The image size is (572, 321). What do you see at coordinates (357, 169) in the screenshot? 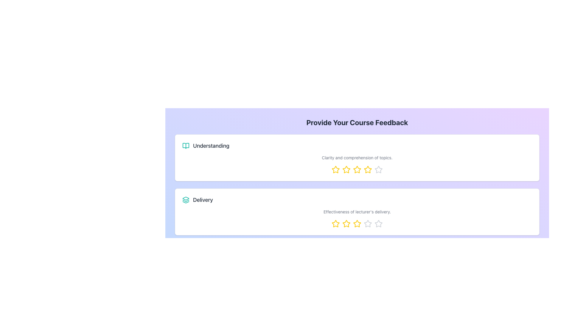
I see `the fourth star-shaped icon with a yellow outline and white fill in the 'Understanding' feedback row to rate it` at bounding box center [357, 169].